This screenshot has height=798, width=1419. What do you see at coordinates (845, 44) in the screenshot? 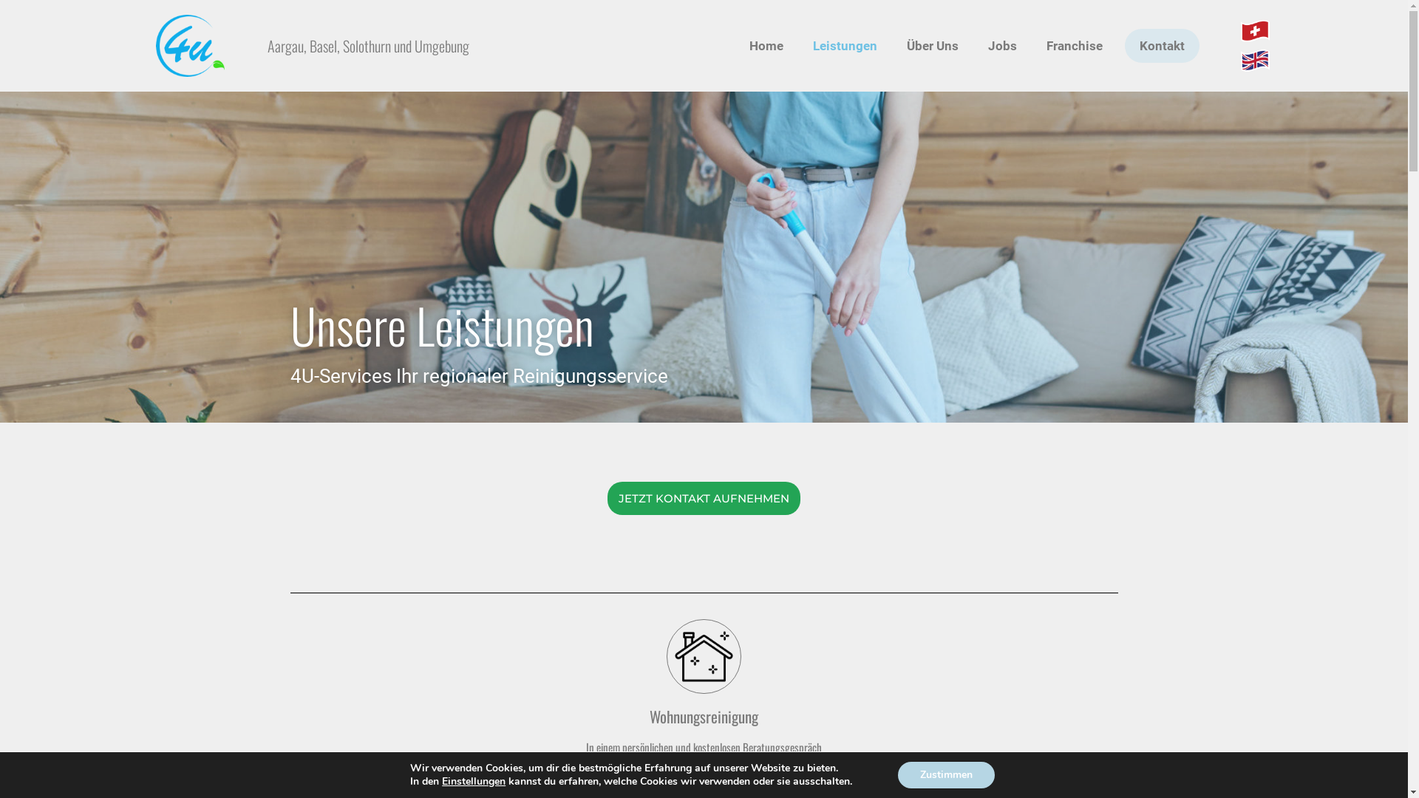
I see `'Leistungen'` at bounding box center [845, 44].